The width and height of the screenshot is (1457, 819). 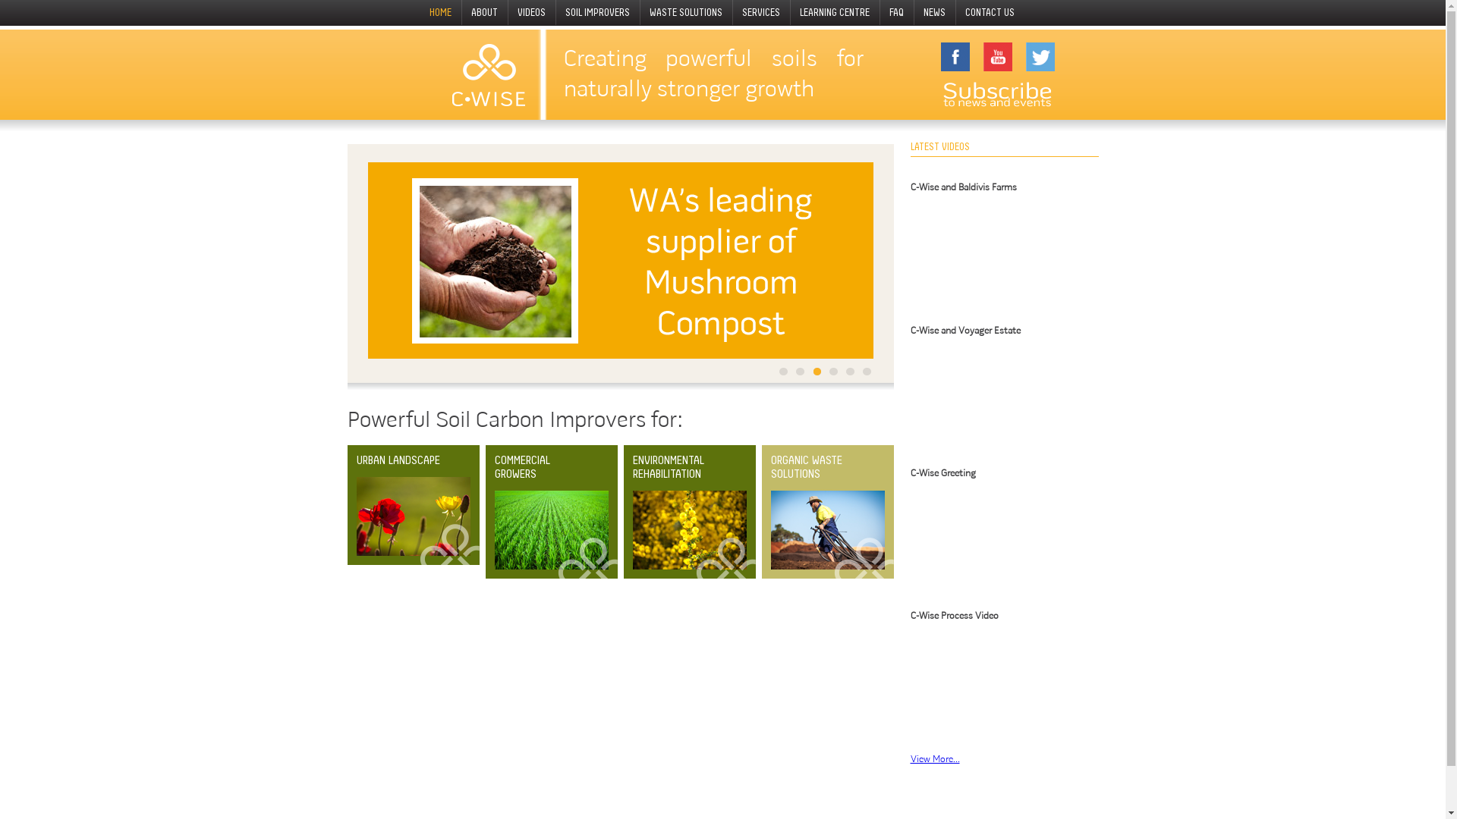 What do you see at coordinates (897, 12) in the screenshot?
I see `'FAQ'` at bounding box center [897, 12].